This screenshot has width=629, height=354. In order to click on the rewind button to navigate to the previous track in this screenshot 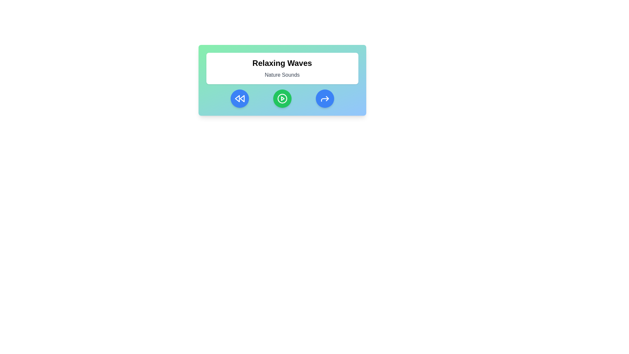, I will do `click(239, 98)`.